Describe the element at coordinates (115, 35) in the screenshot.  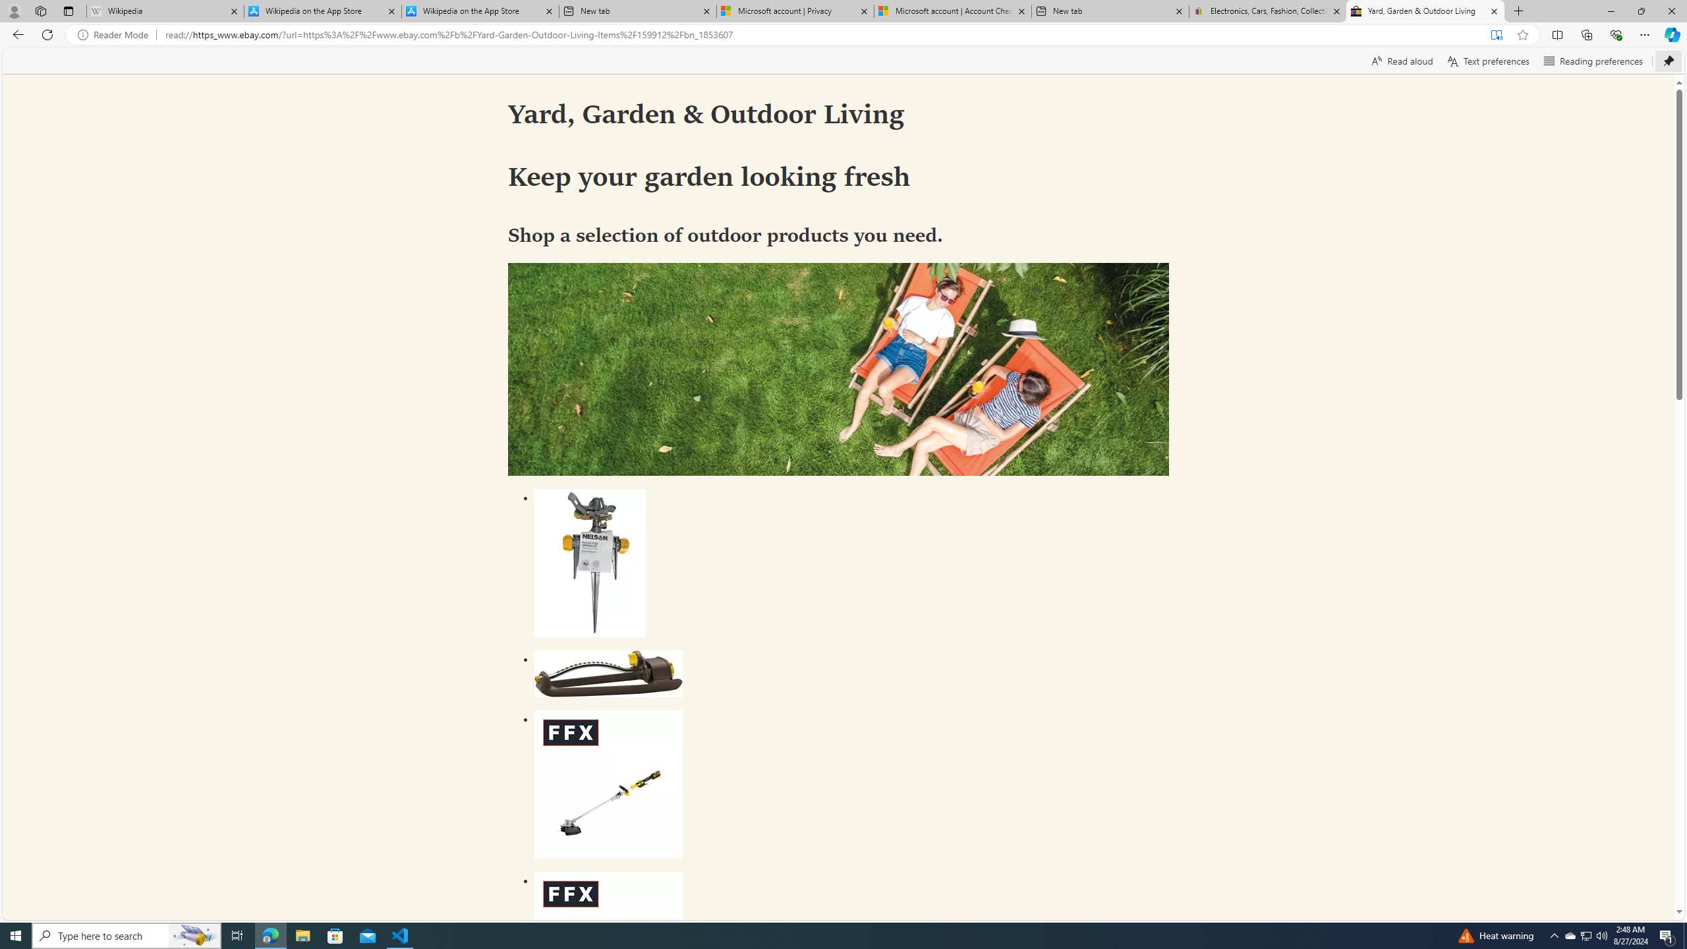
I see `'Reader Mode'` at that location.